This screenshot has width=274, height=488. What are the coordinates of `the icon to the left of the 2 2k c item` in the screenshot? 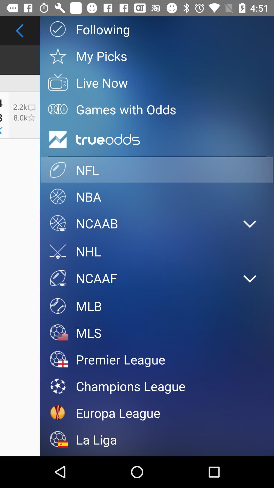 It's located at (1, 117).